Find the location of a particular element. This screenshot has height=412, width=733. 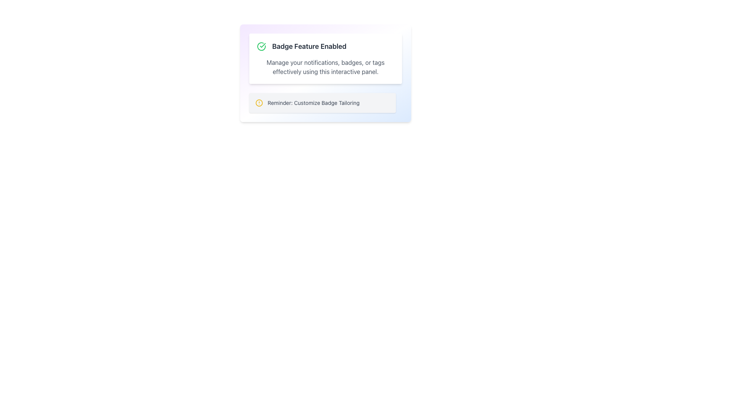

the icon indicating the successful activation of the 'Badge Feature Enabled' feature, which is located to the left of the text 'Badge Feature Enabled' is located at coordinates (262, 47).